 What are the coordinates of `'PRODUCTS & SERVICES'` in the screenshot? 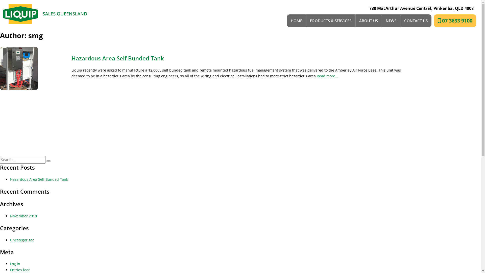 It's located at (331, 20).